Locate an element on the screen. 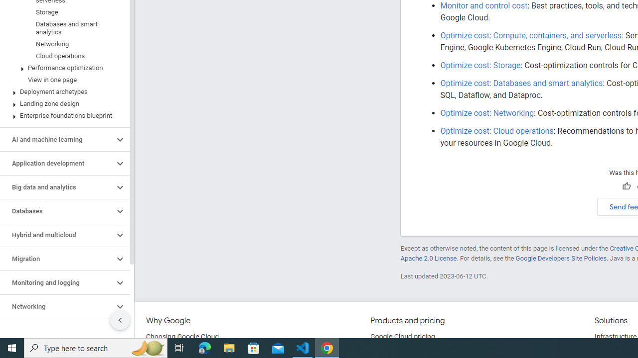 Image resolution: width=638 pixels, height=358 pixels. 'Google Developers Site Policies' is located at coordinates (561, 258).